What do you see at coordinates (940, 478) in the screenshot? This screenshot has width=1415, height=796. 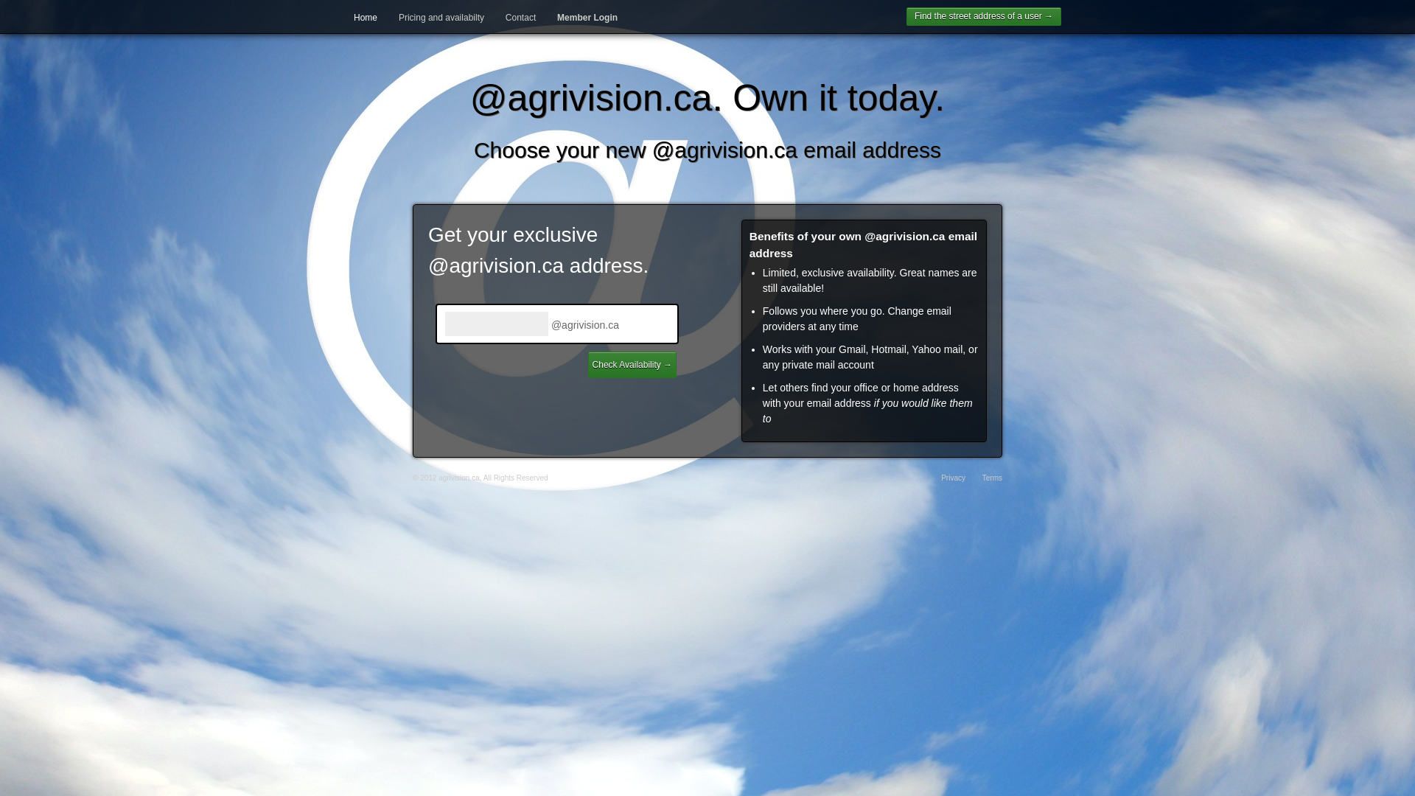 I see `'Privacy'` at bounding box center [940, 478].